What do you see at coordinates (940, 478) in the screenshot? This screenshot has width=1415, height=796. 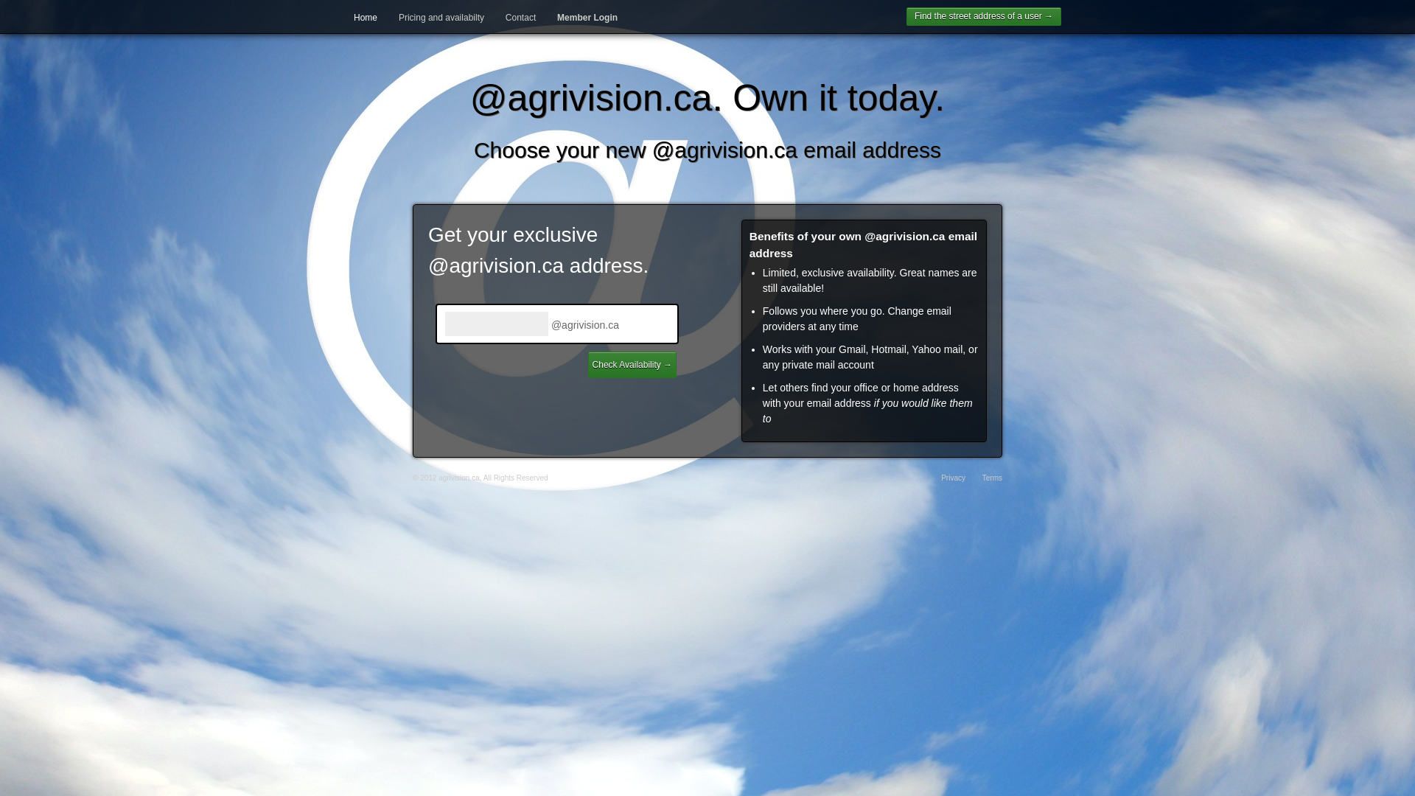 I see `'Privacy'` at bounding box center [940, 478].